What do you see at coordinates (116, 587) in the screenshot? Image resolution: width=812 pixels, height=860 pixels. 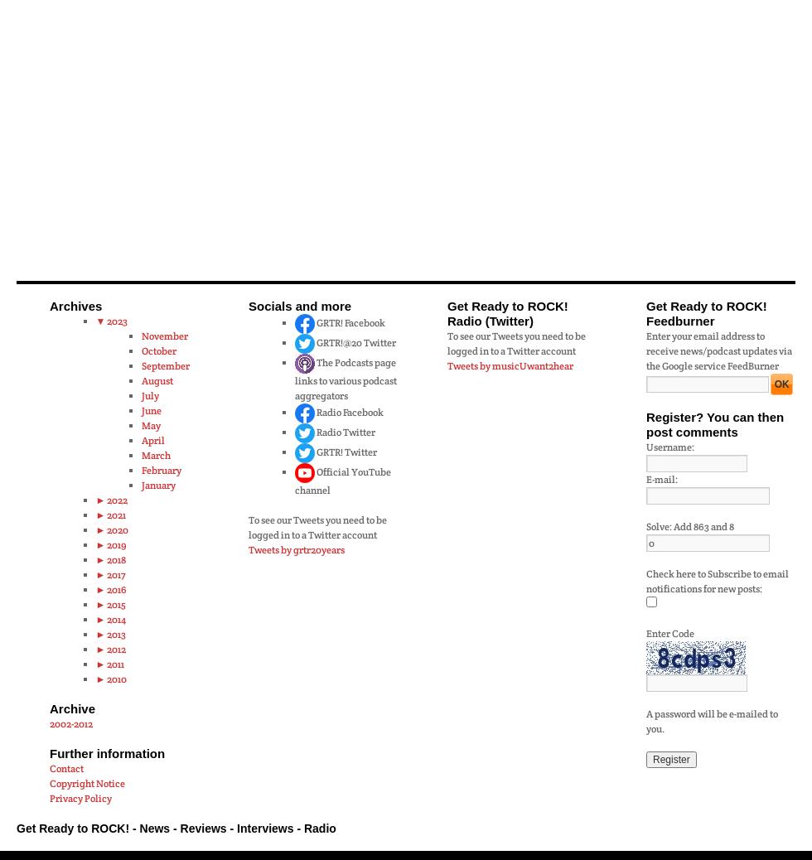 I see `'2016'` at bounding box center [116, 587].